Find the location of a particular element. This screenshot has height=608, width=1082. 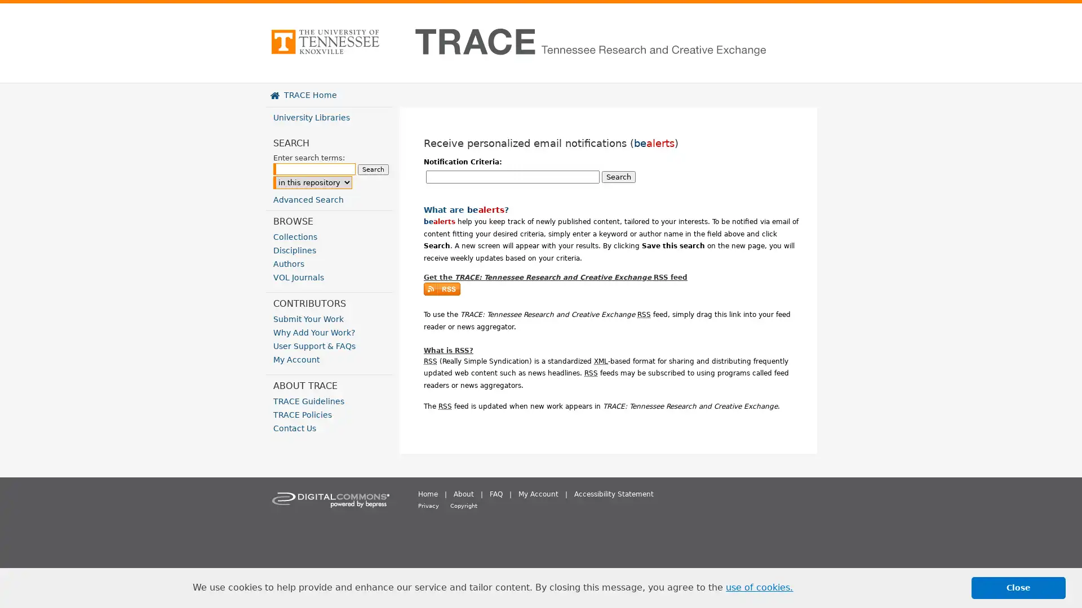

Search is located at coordinates (618, 177).